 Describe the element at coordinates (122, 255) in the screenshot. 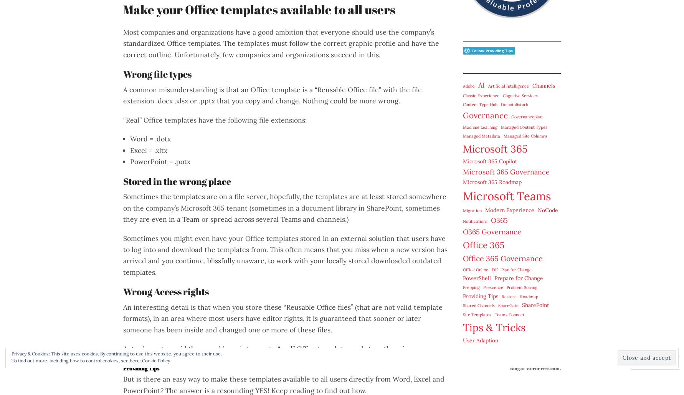

I see `'Sometimes you might even have your Office templates stored in an external solution that users have to log into and download the templates from. This often means that you miss when a new version has arrived and you continue, blissfully unaware, to work with your locally stored downloaded outdated templates.'` at that location.